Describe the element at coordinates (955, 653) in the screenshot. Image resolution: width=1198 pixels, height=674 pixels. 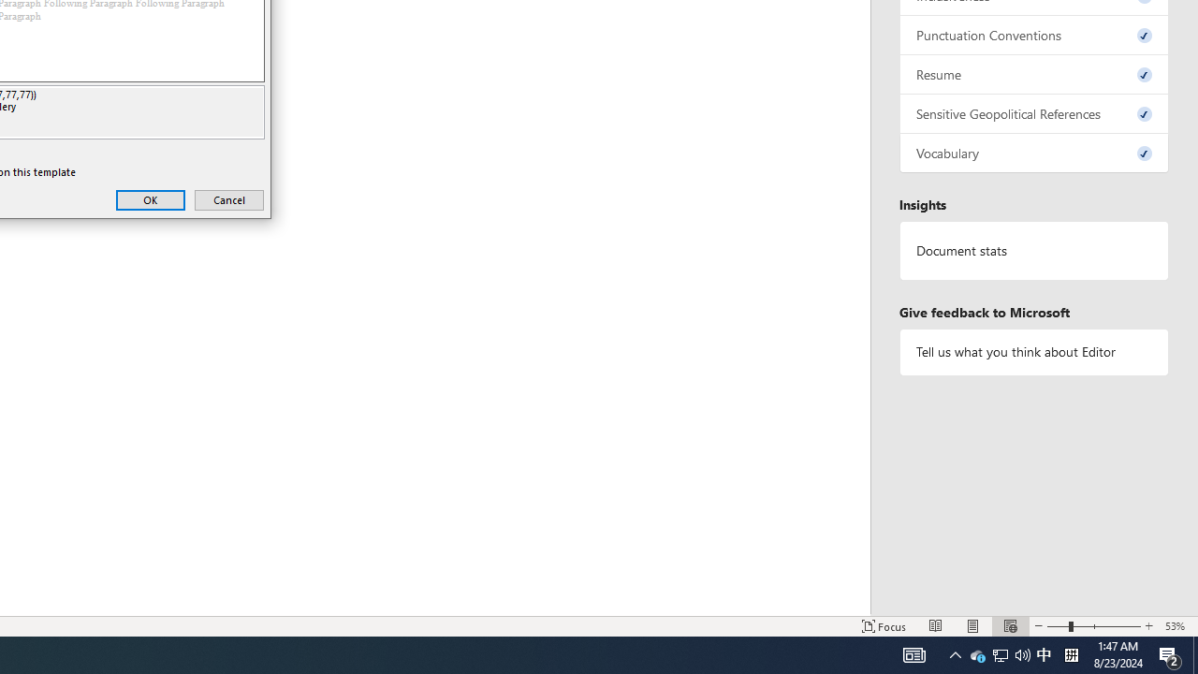
I see `'AutomationID: 4105'` at that location.